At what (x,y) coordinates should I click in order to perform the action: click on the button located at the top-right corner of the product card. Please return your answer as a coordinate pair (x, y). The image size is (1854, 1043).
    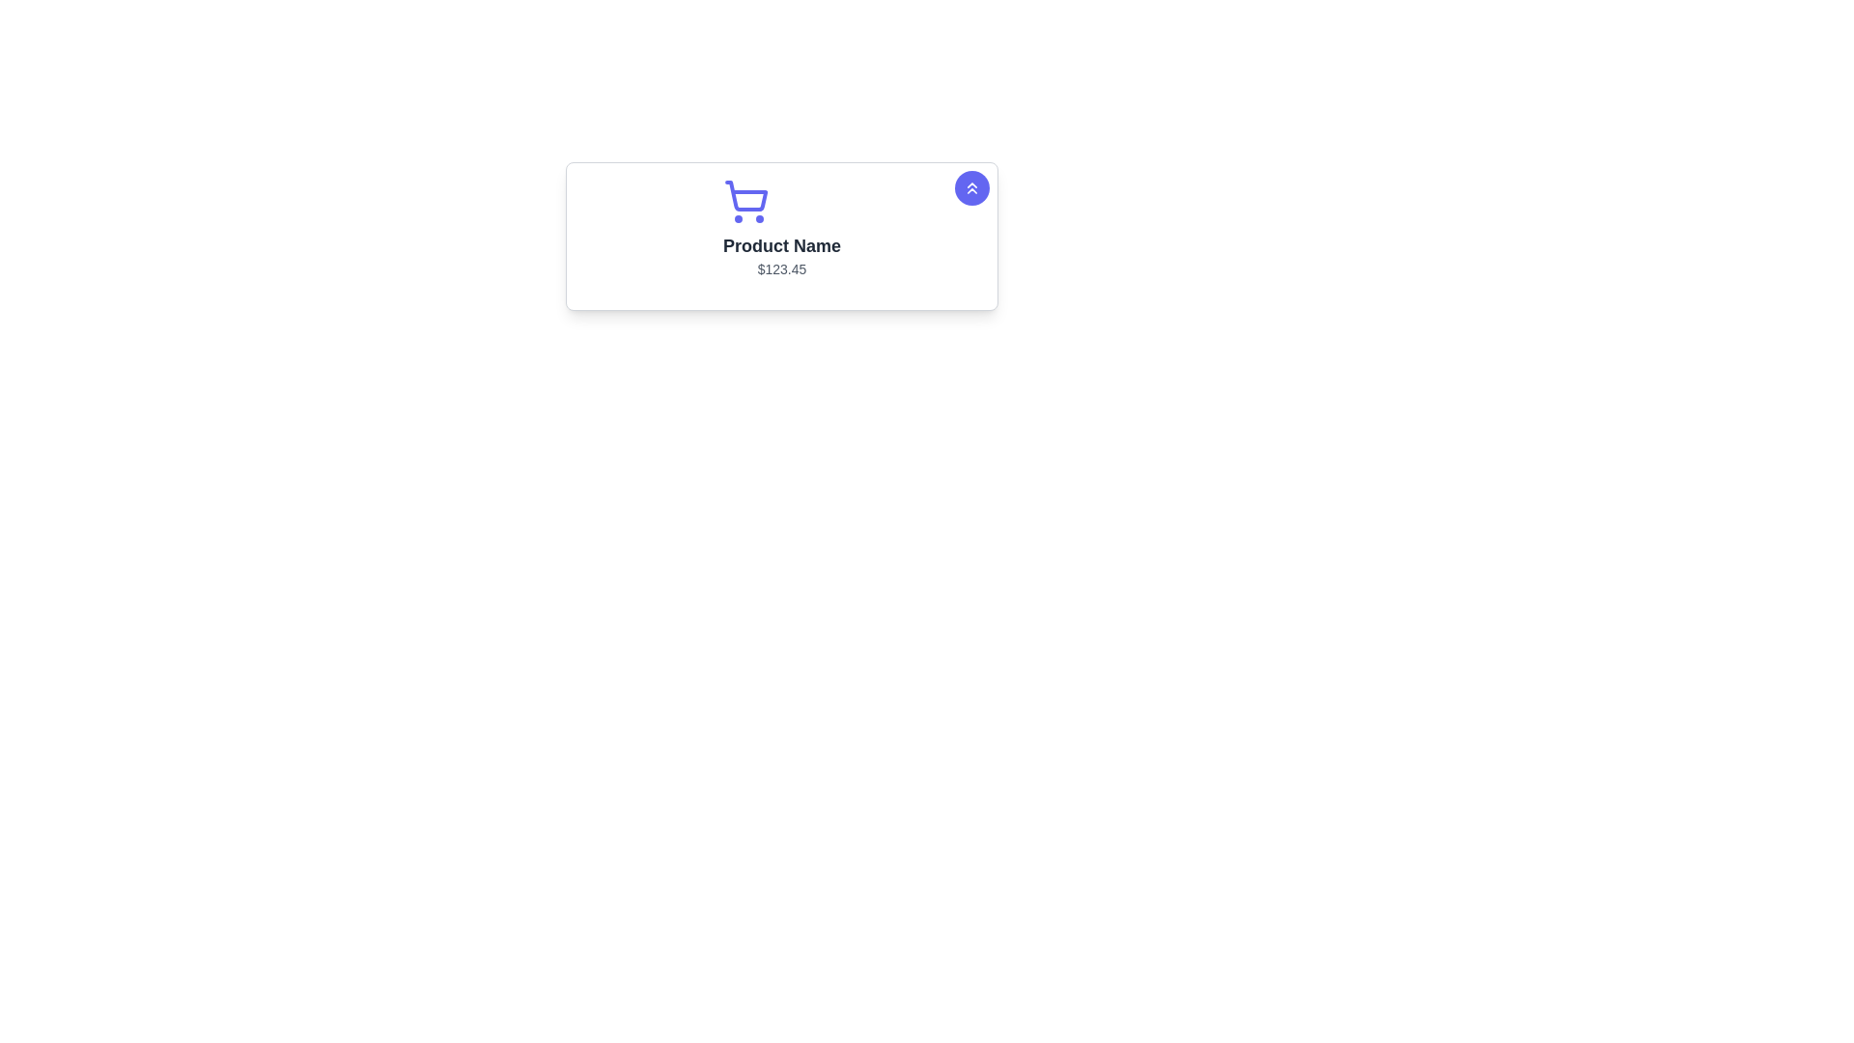
    Looking at the image, I should click on (972, 188).